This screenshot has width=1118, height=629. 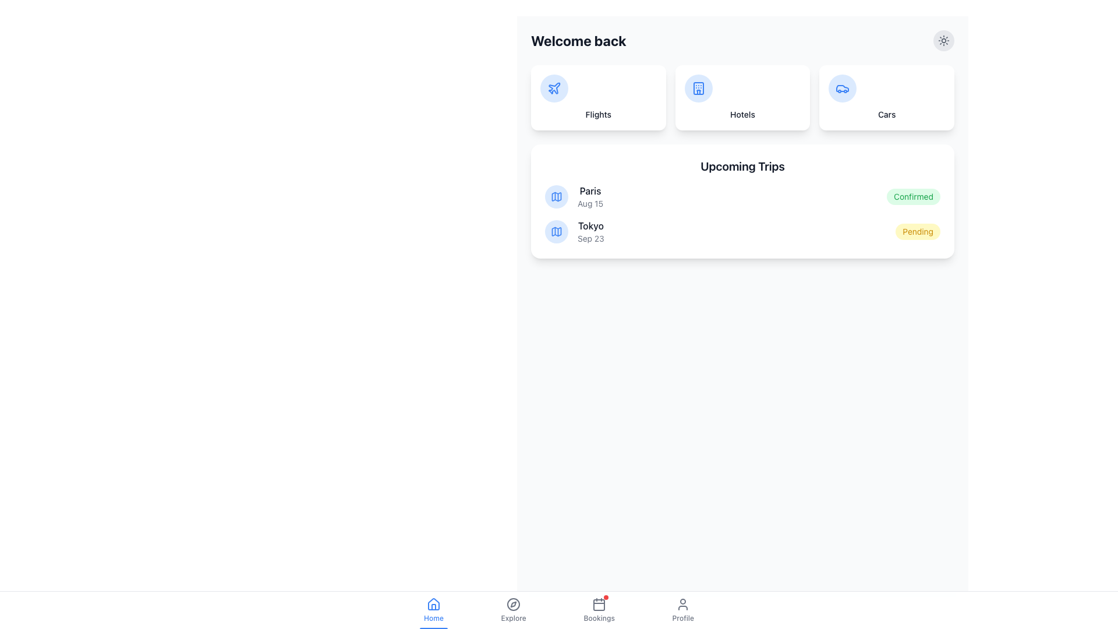 What do you see at coordinates (553, 87) in the screenshot?
I see `the 'Flights' icon button located in the upper-left part of the dashboard` at bounding box center [553, 87].